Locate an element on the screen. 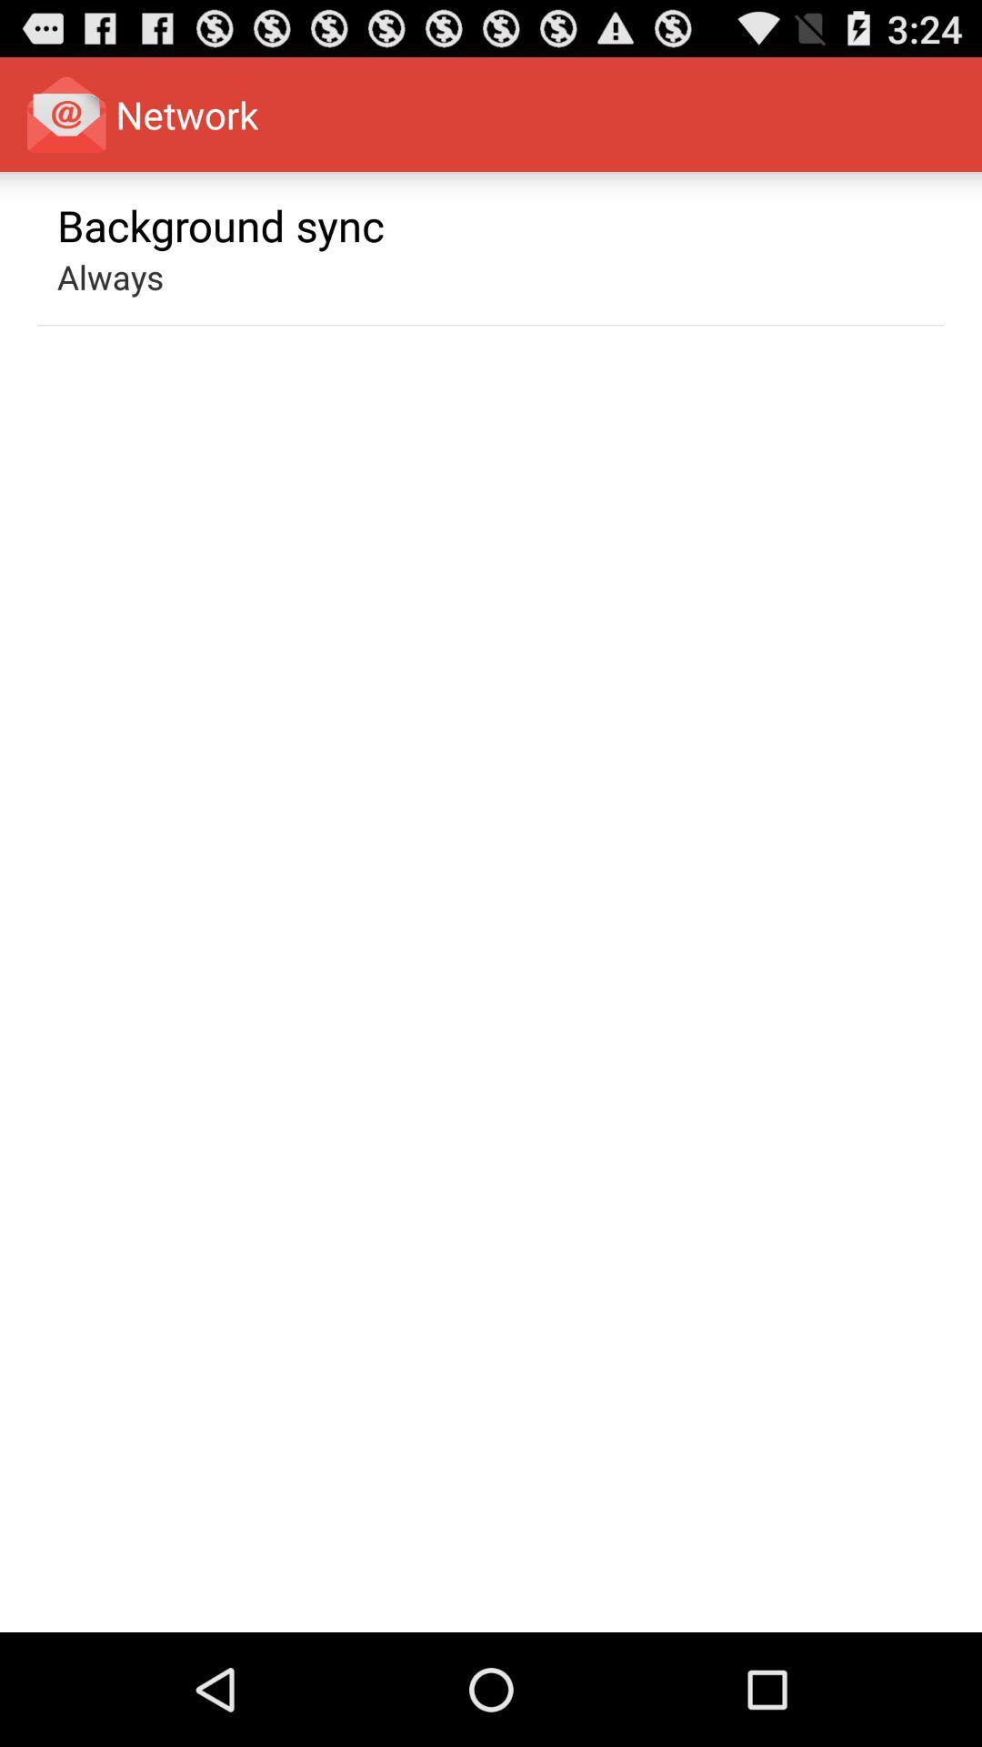 The height and width of the screenshot is (1747, 982). app above the always app is located at coordinates (220, 224).